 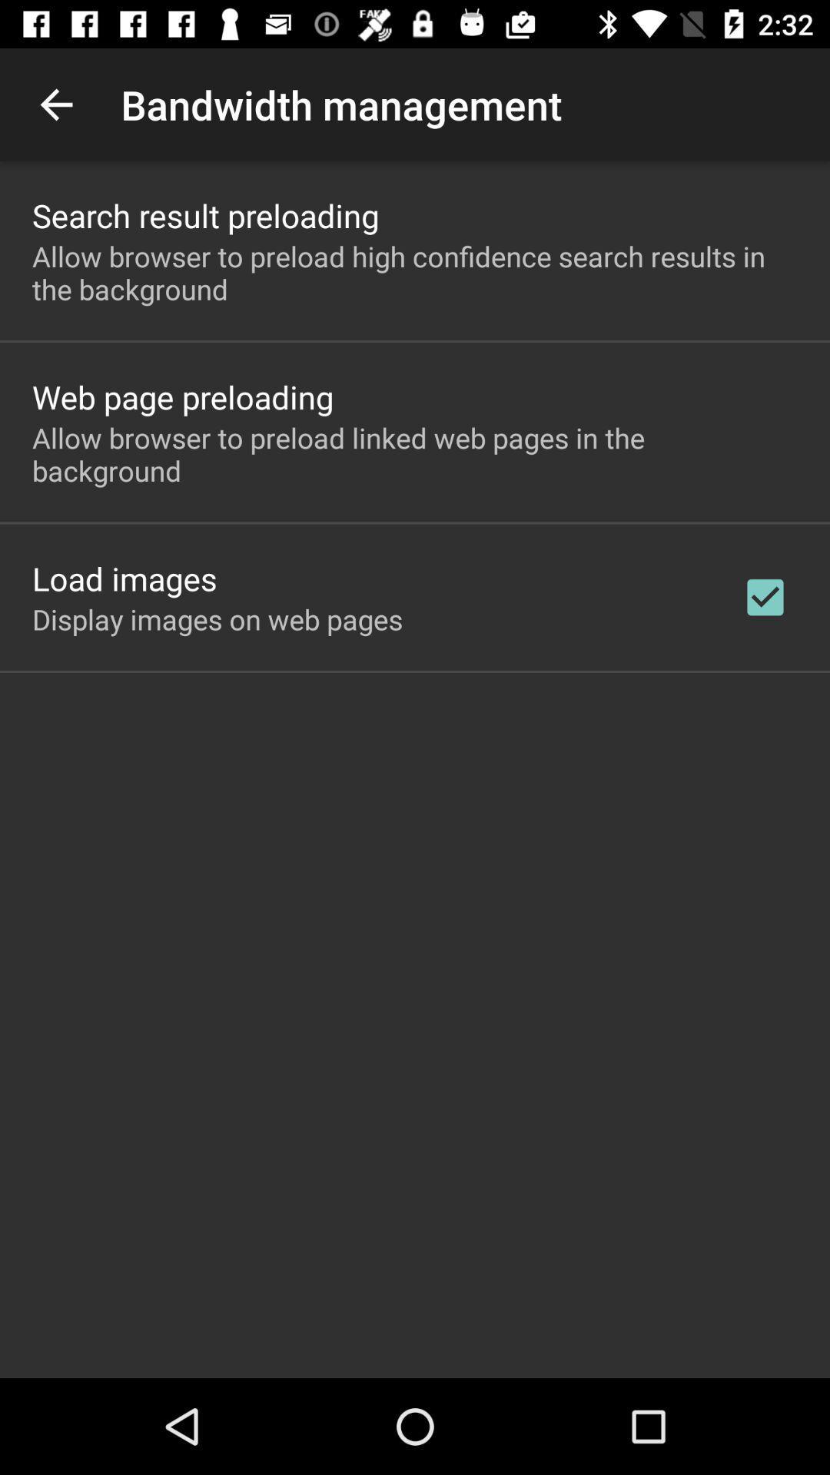 I want to click on the item above search result preloading icon, so click(x=55, y=104).